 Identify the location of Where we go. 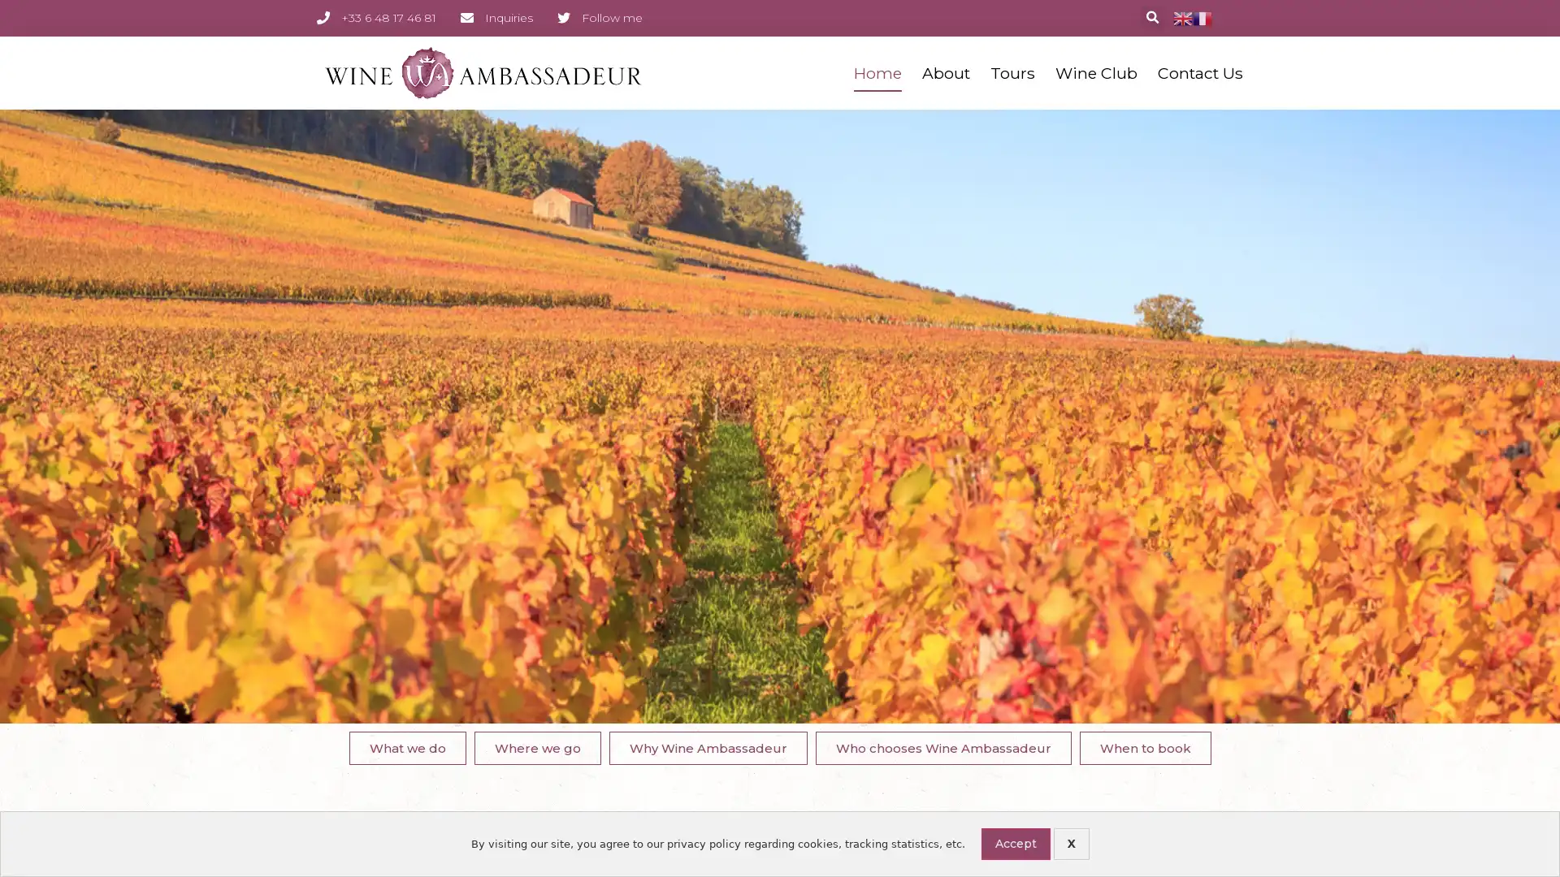
(537, 747).